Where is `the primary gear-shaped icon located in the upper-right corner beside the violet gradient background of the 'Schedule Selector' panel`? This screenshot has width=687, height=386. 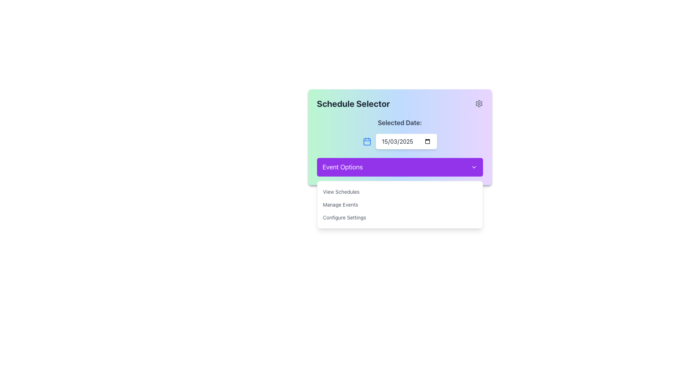 the primary gear-shaped icon located in the upper-right corner beside the violet gradient background of the 'Schedule Selector' panel is located at coordinates (479, 103).